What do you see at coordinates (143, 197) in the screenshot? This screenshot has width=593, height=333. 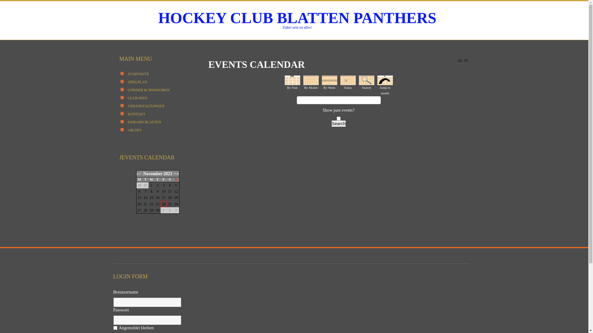 I see `'14'` at bounding box center [143, 197].